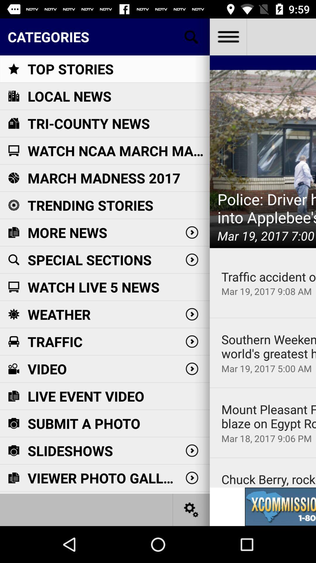 This screenshot has width=316, height=563. What do you see at coordinates (228, 36) in the screenshot?
I see `the menu icon` at bounding box center [228, 36].